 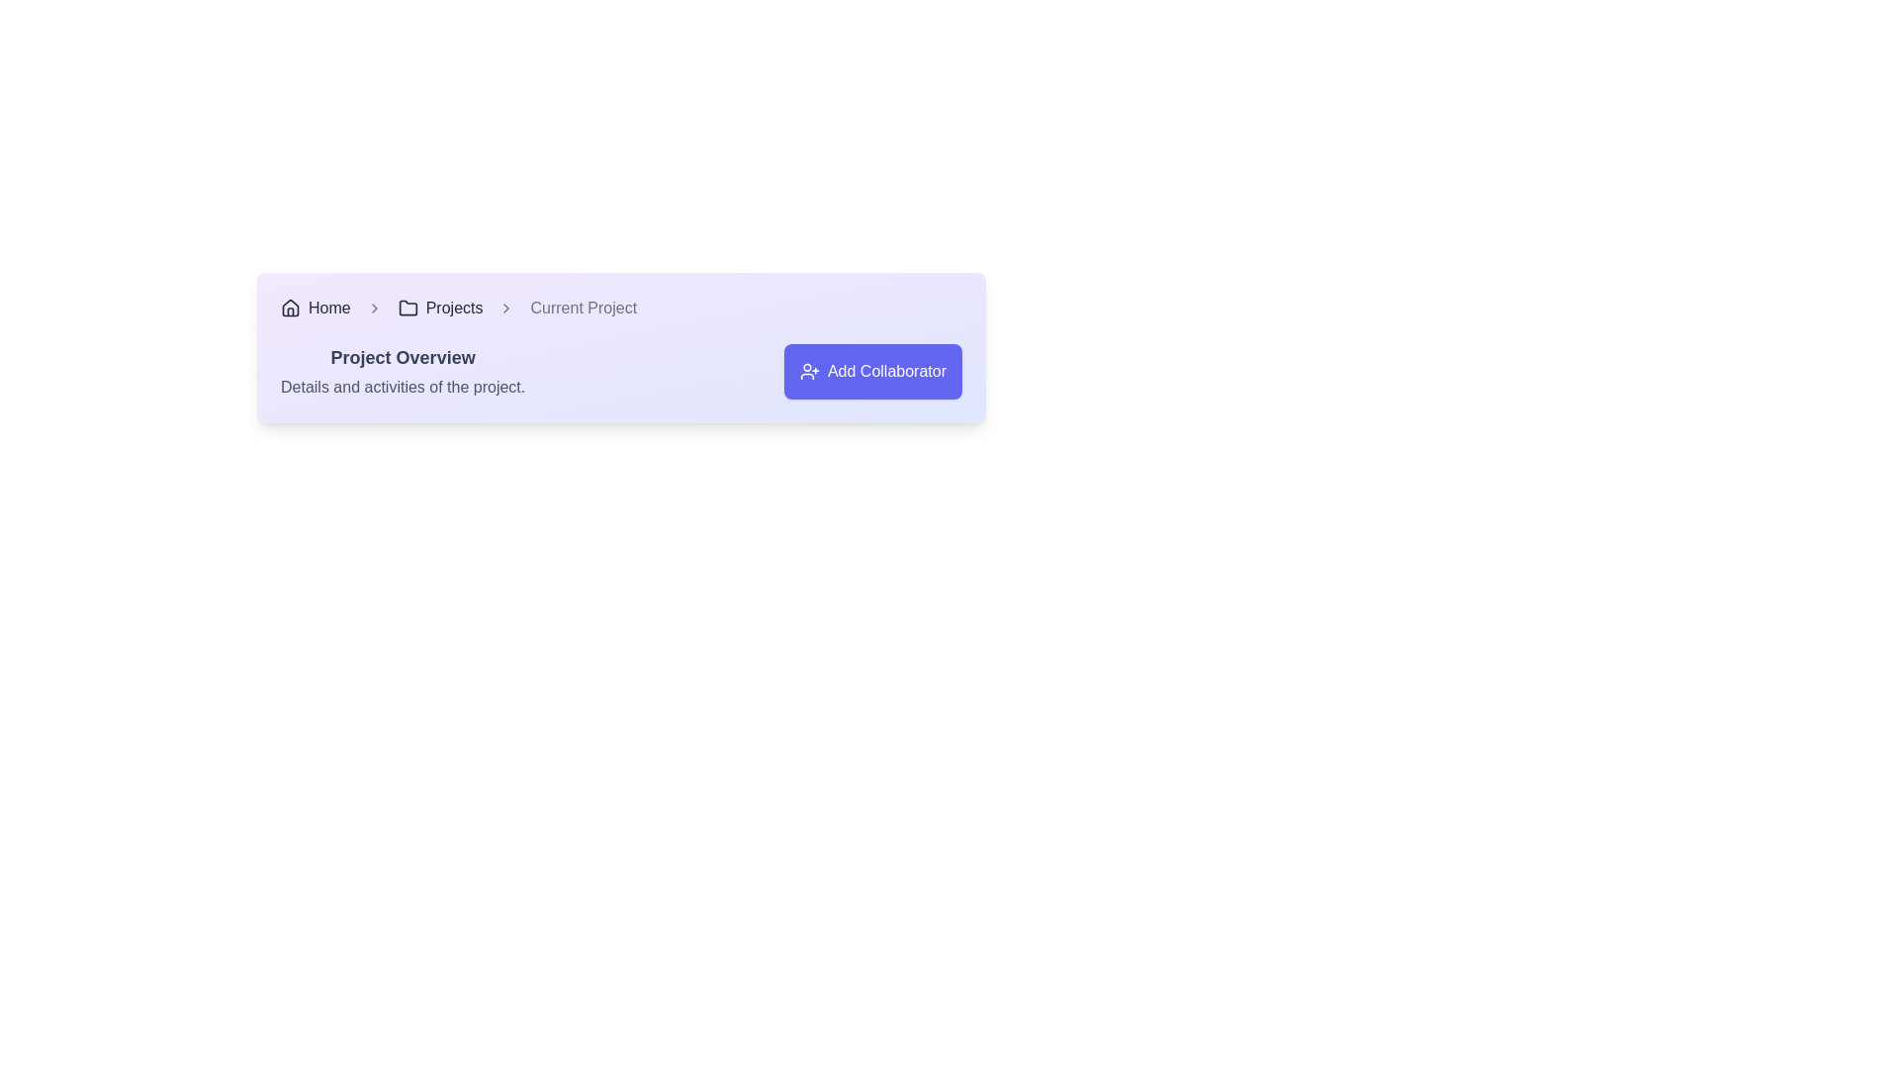 What do you see at coordinates (809, 371) in the screenshot?
I see `the 'Add Collaborator' icon` at bounding box center [809, 371].